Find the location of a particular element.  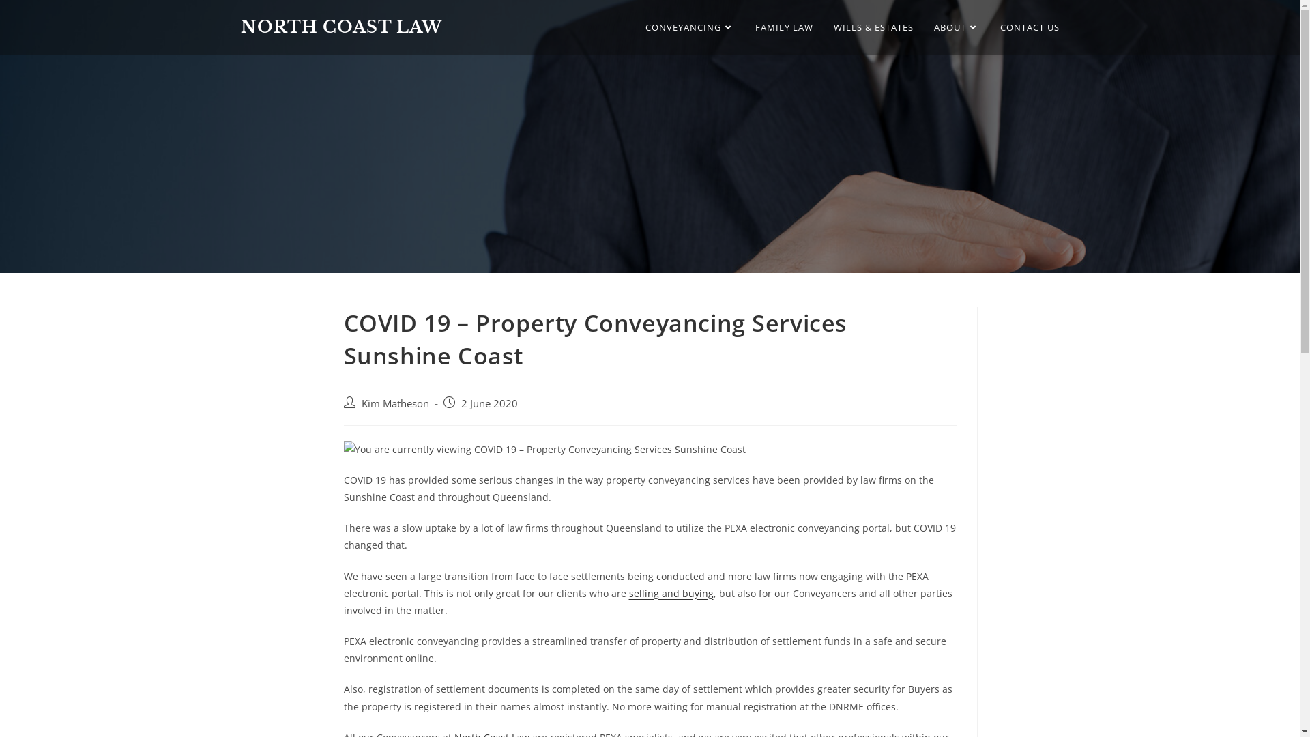

'Kim Matheson' is located at coordinates (394, 403).